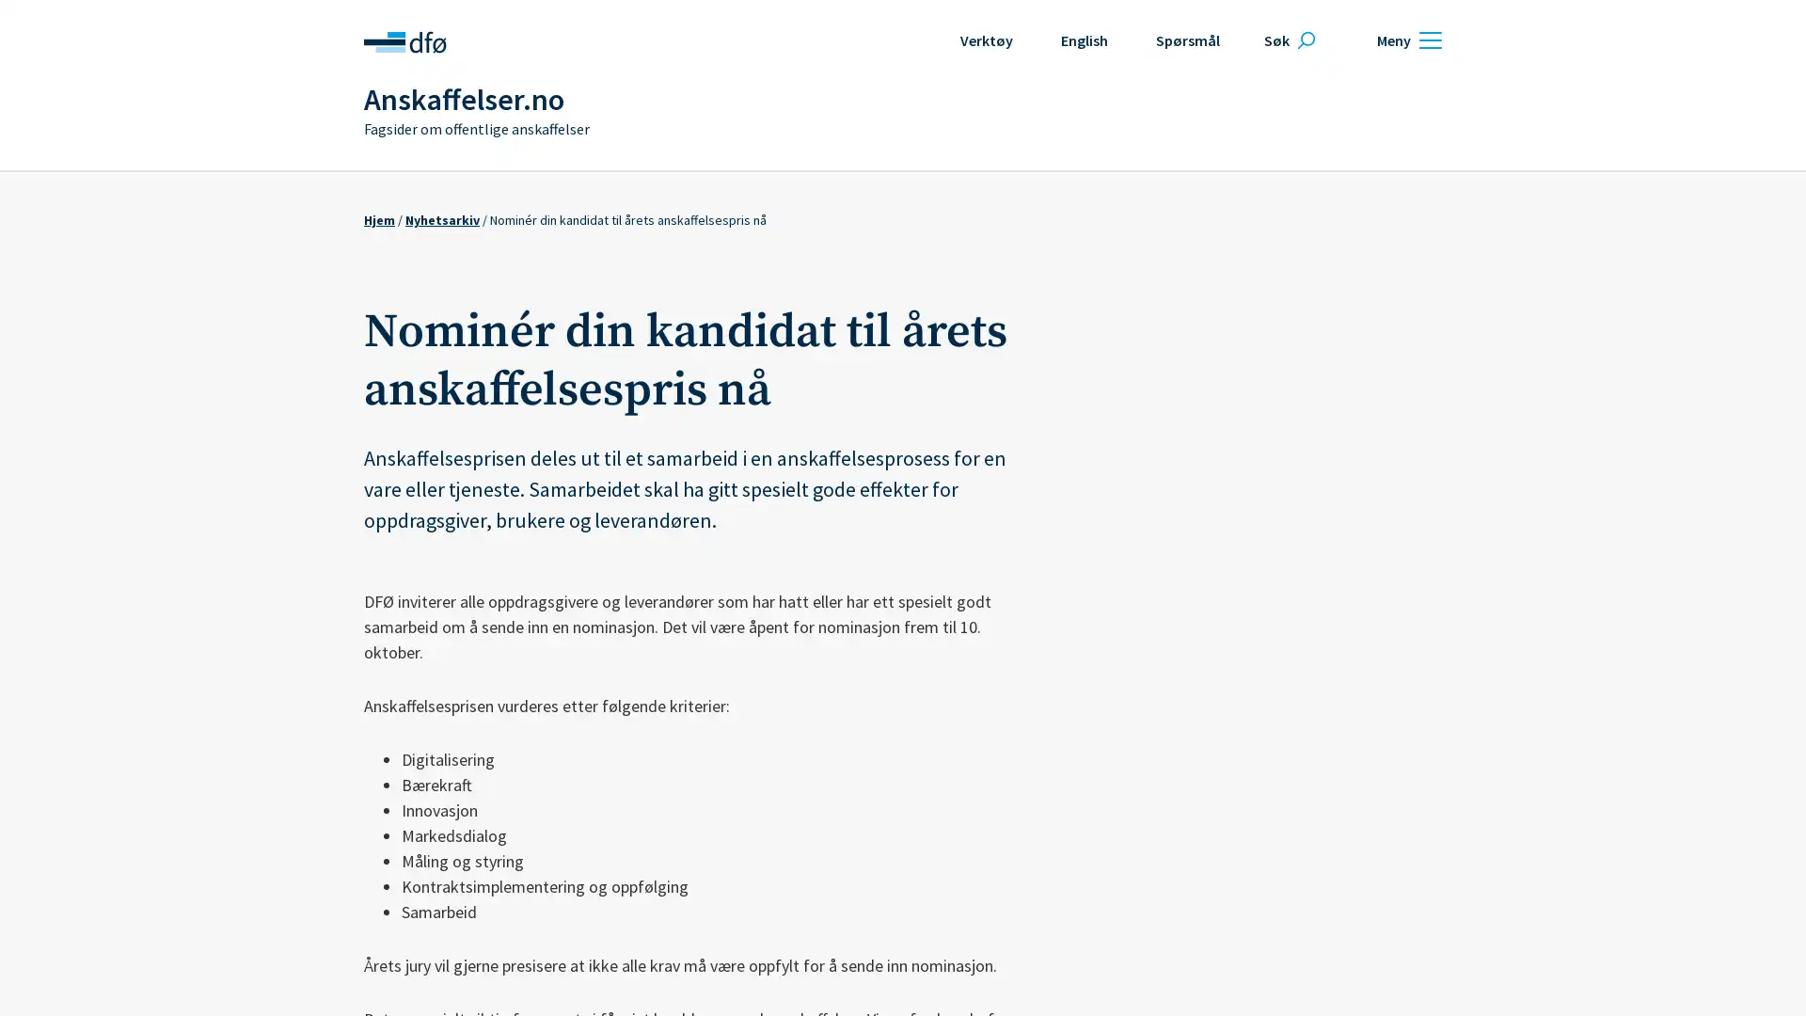  What do you see at coordinates (1286, 40) in the screenshot?
I see `Sk` at bounding box center [1286, 40].